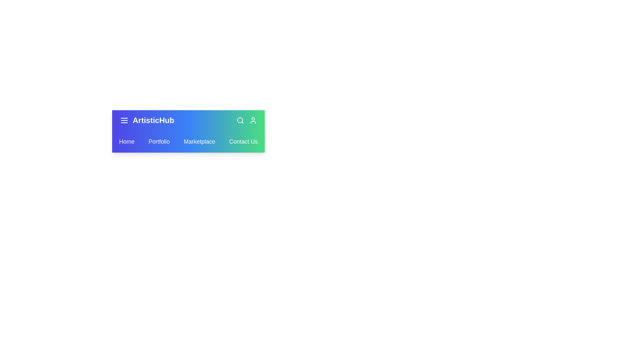 Image resolution: width=617 pixels, height=347 pixels. Describe the element at coordinates (240, 120) in the screenshot. I see `the search icon in the navbar to initiate a search` at that location.